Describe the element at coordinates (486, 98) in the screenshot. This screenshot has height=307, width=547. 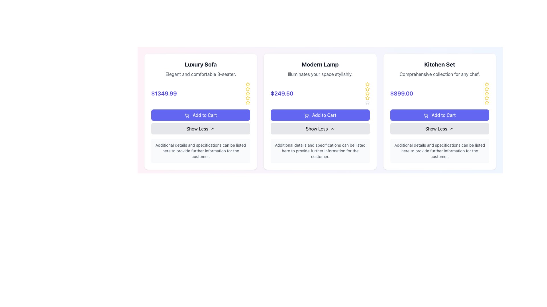
I see `the fifth star icon representing an active rating in the 'Kitchen Set' product card` at that location.